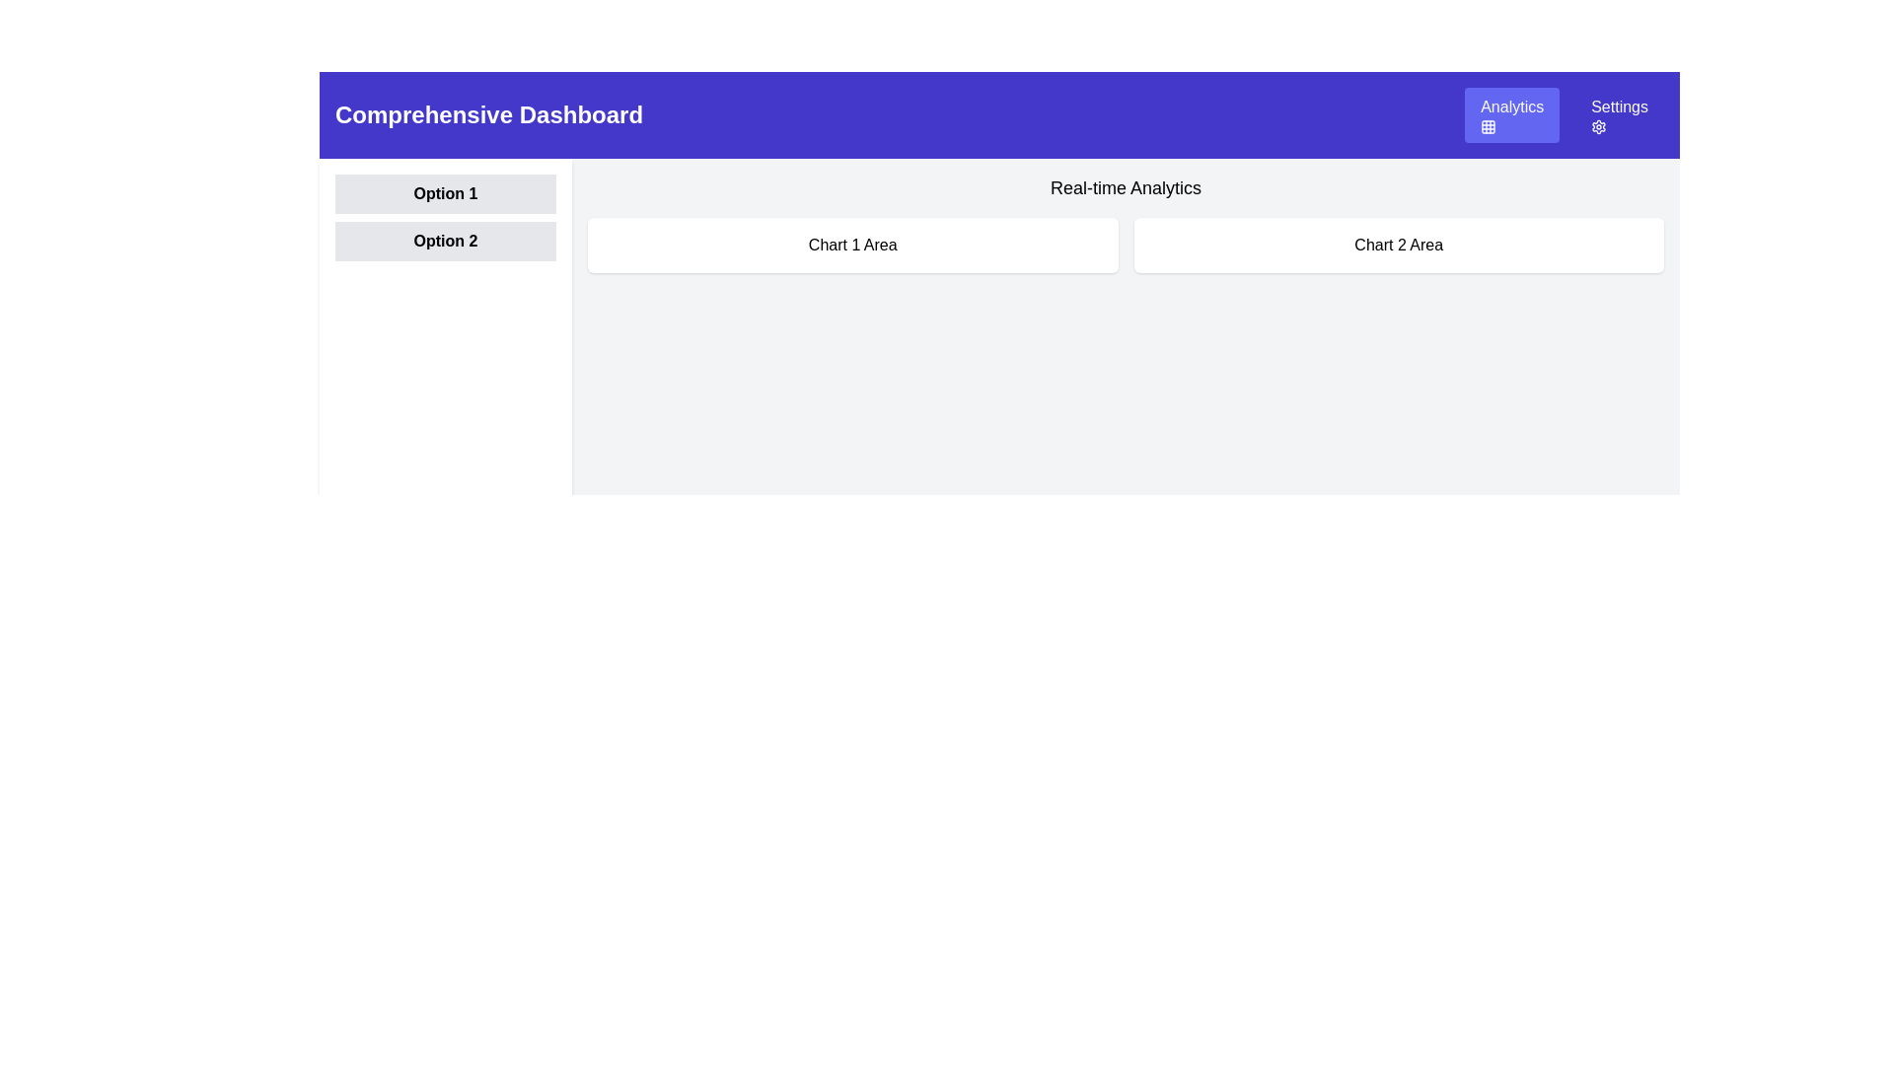 The height and width of the screenshot is (1065, 1894). What do you see at coordinates (1564, 114) in the screenshot?
I see `the 'Analytics' button in the Navigation menu located at the top-right corner of the interface` at bounding box center [1564, 114].